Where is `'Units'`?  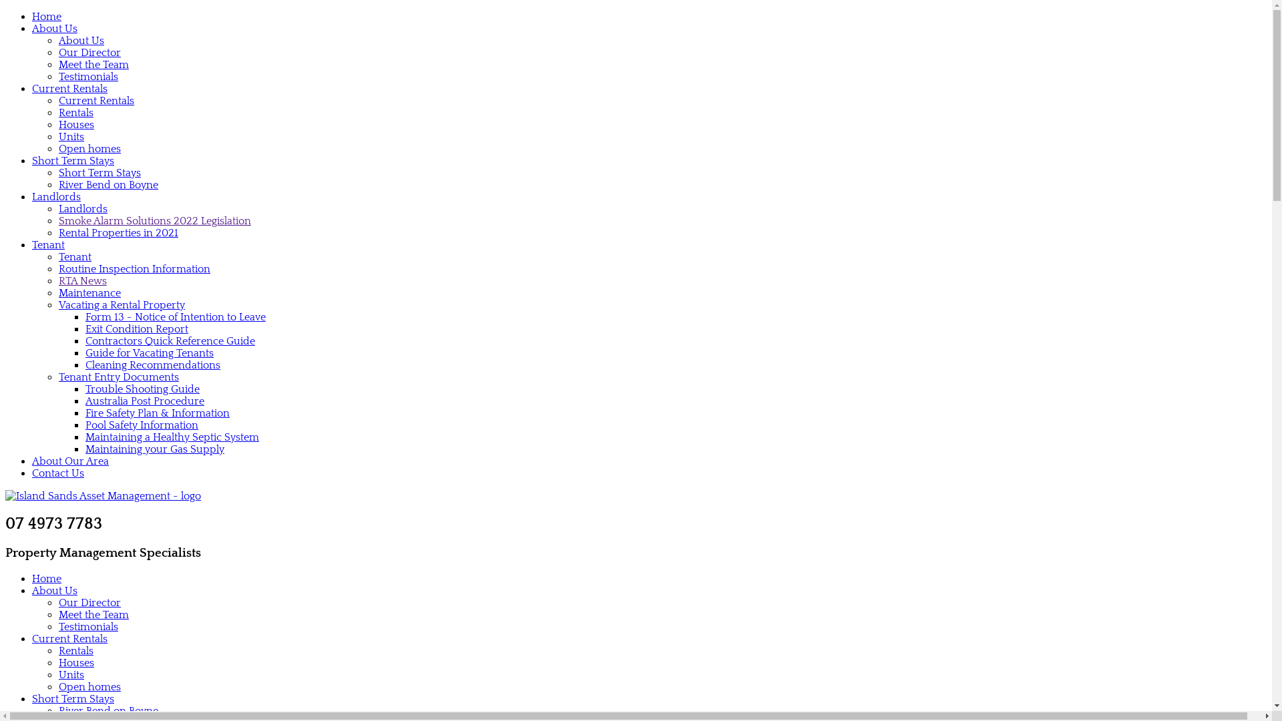 'Units' is located at coordinates (70, 674).